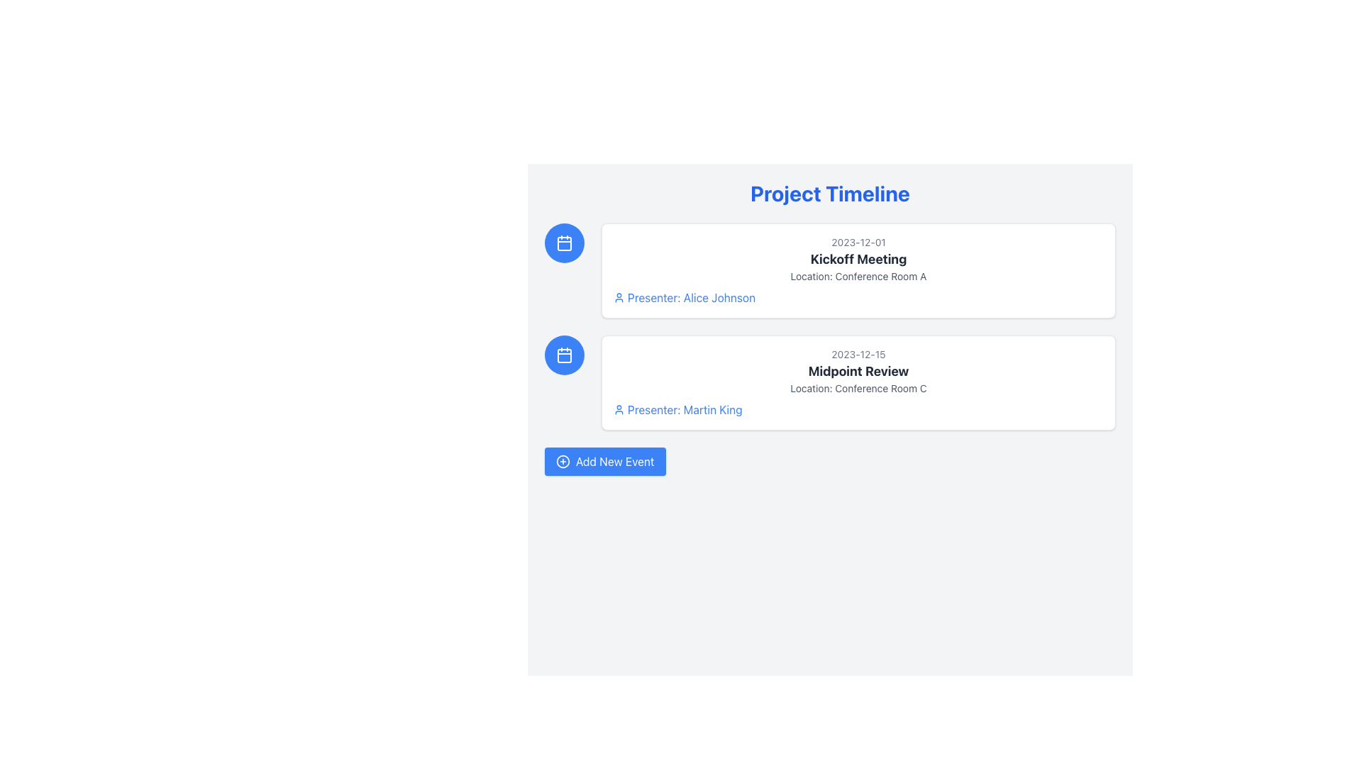 The image size is (1362, 766). I want to click on the circular icon with a plus symbol, which is part of the 'Add New Event' button located in the lower section of the main interface, so click(562, 462).